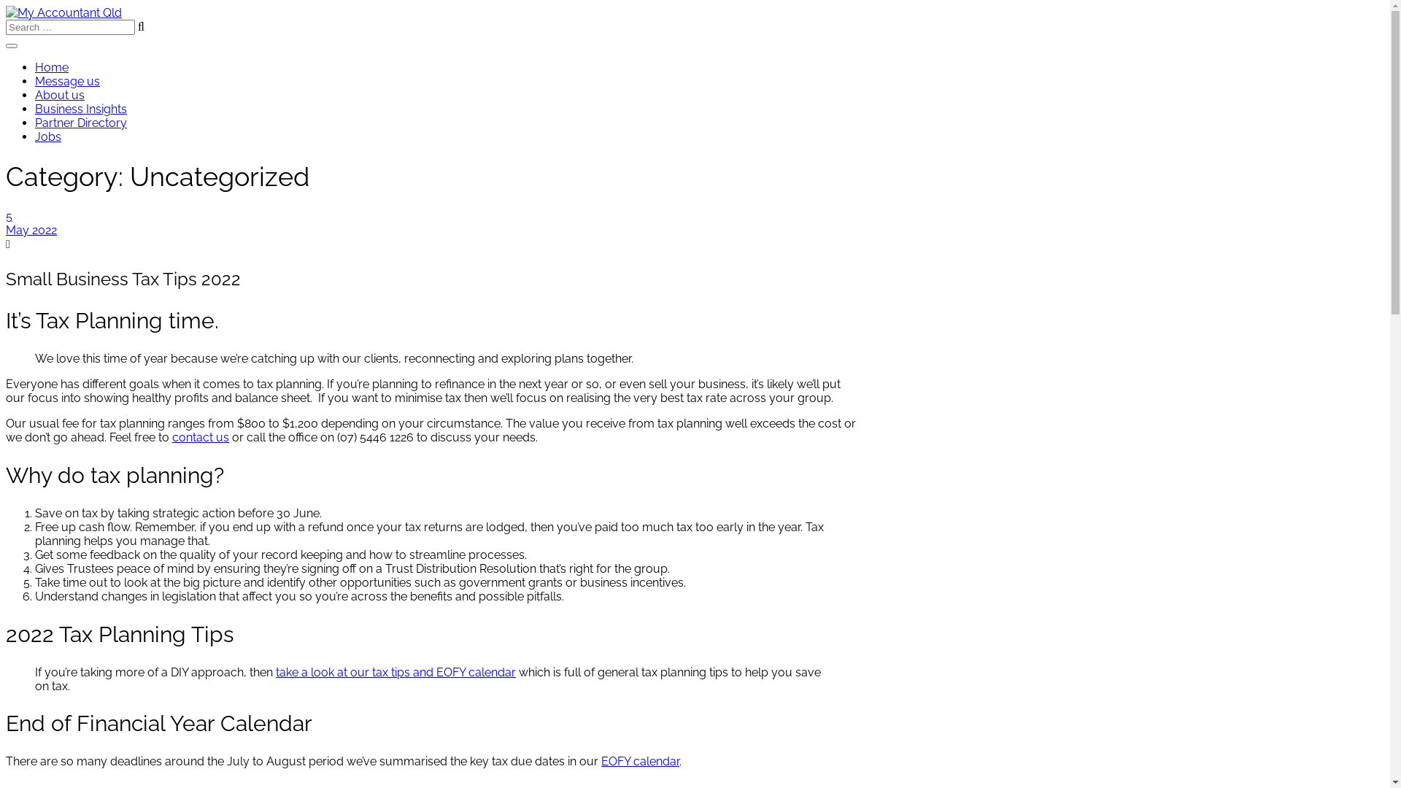 This screenshot has height=788, width=1401. What do you see at coordinates (58, 95) in the screenshot?
I see `'About us'` at bounding box center [58, 95].